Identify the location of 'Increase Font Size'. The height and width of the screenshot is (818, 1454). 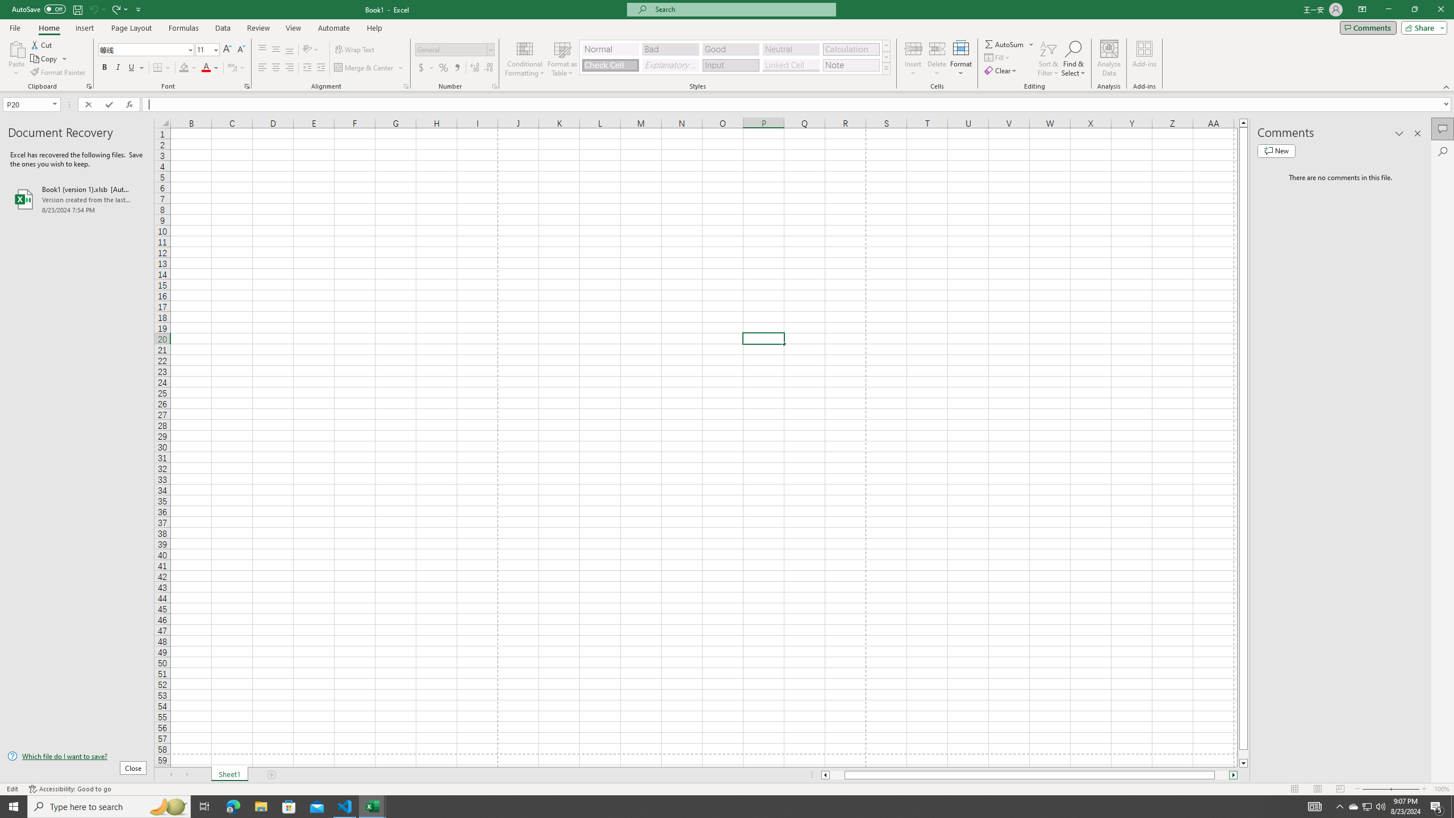
(227, 49).